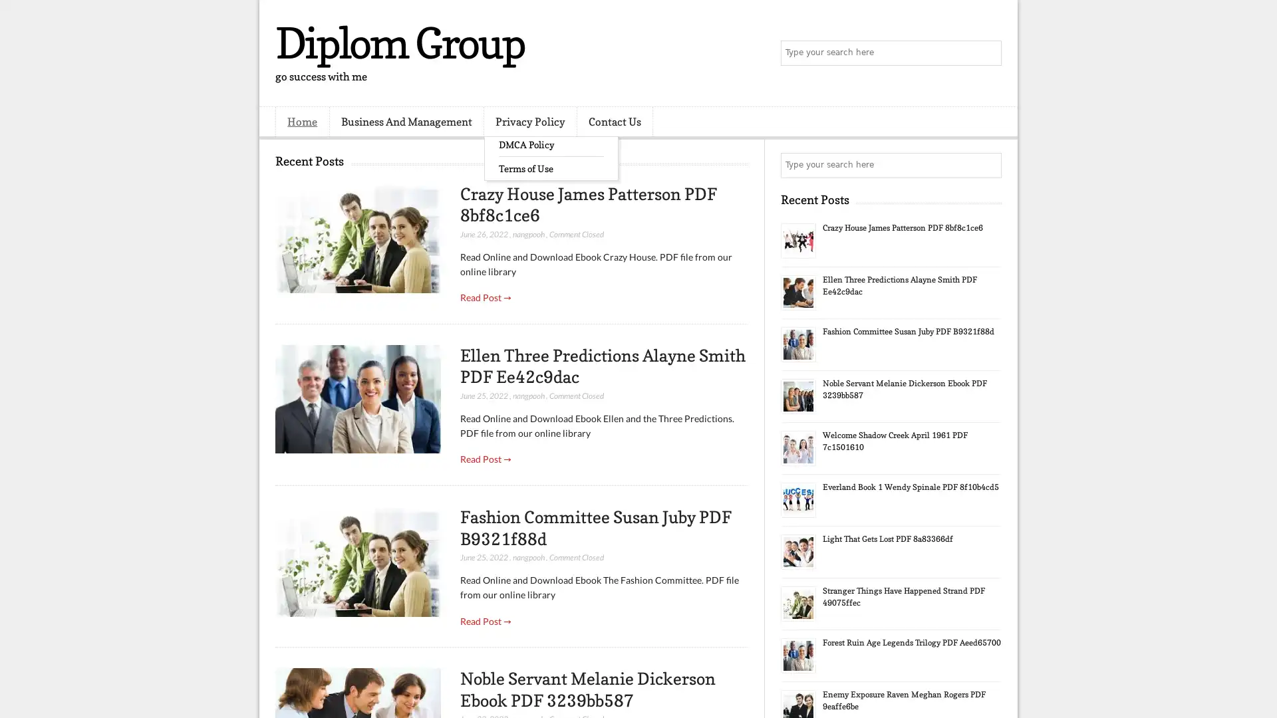 The image size is (1277, 718). I want to click on Search, so click(988, 53).